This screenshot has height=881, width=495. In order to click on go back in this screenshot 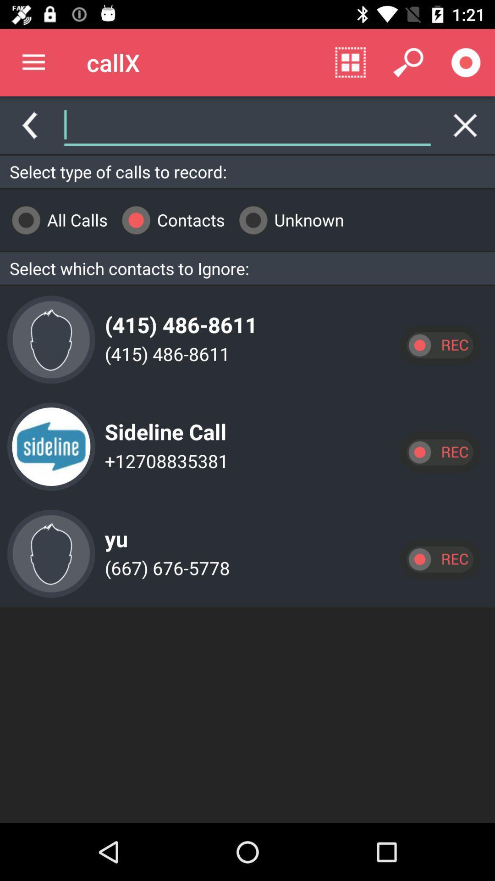, I will do `click(29, 125)`.